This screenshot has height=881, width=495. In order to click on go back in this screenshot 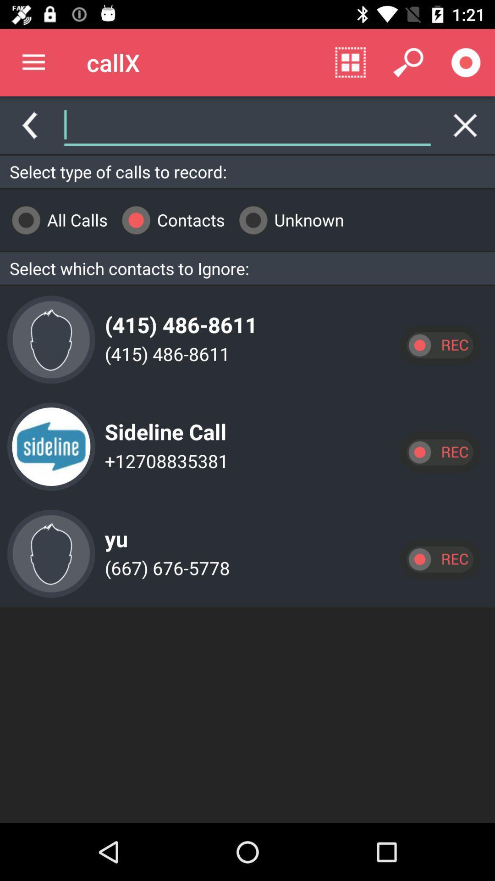, I will do `click(29, 125)`.